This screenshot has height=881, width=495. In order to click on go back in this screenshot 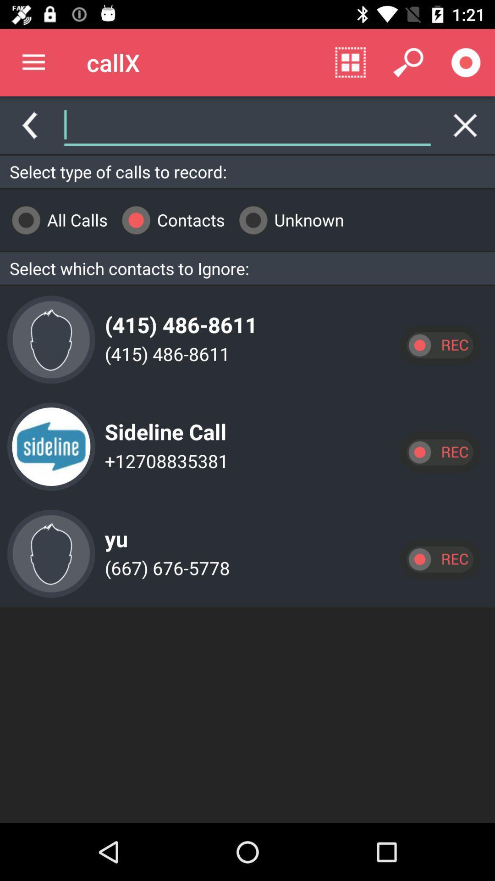, I will do `click(29, 125)`.